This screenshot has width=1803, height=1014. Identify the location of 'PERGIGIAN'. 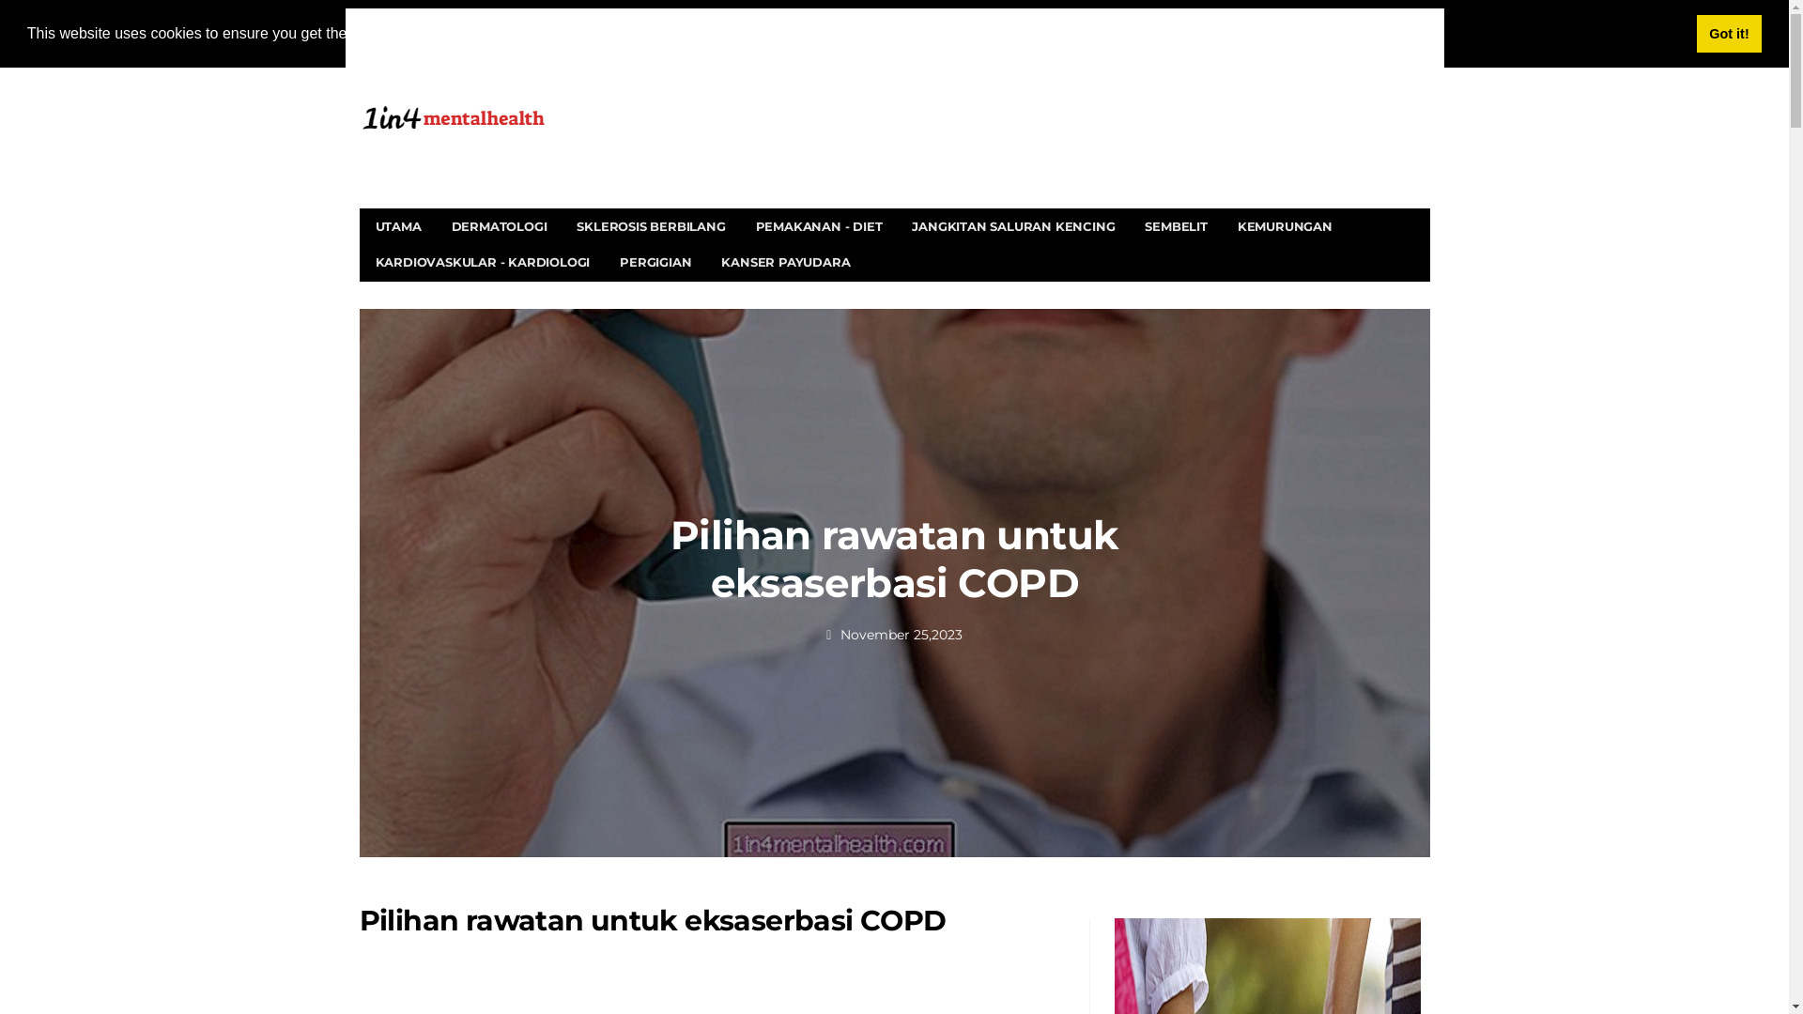
(655, 261).